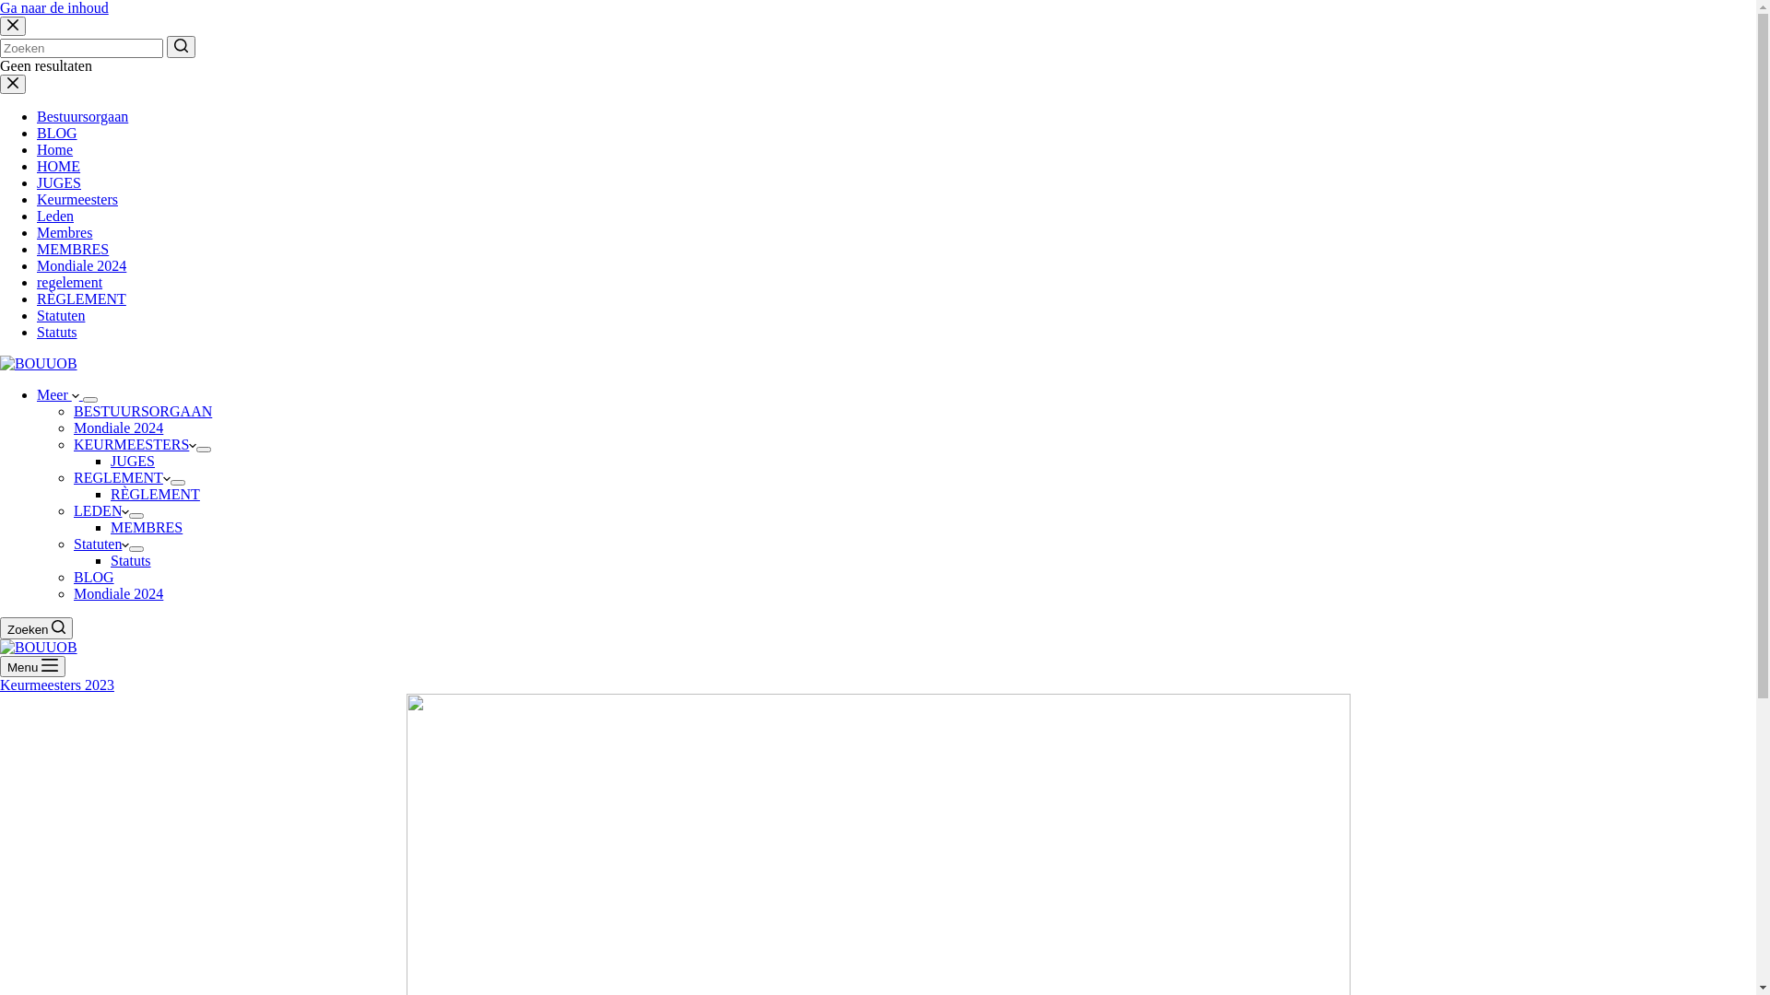 The image size is (1770, 995). I want to click on 'JUGES', so click(58, 182).